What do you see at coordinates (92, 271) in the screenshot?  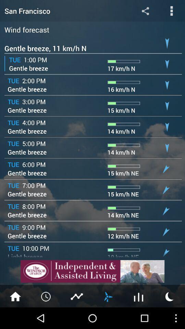 I see `view add` at bounding box center [92, 271].